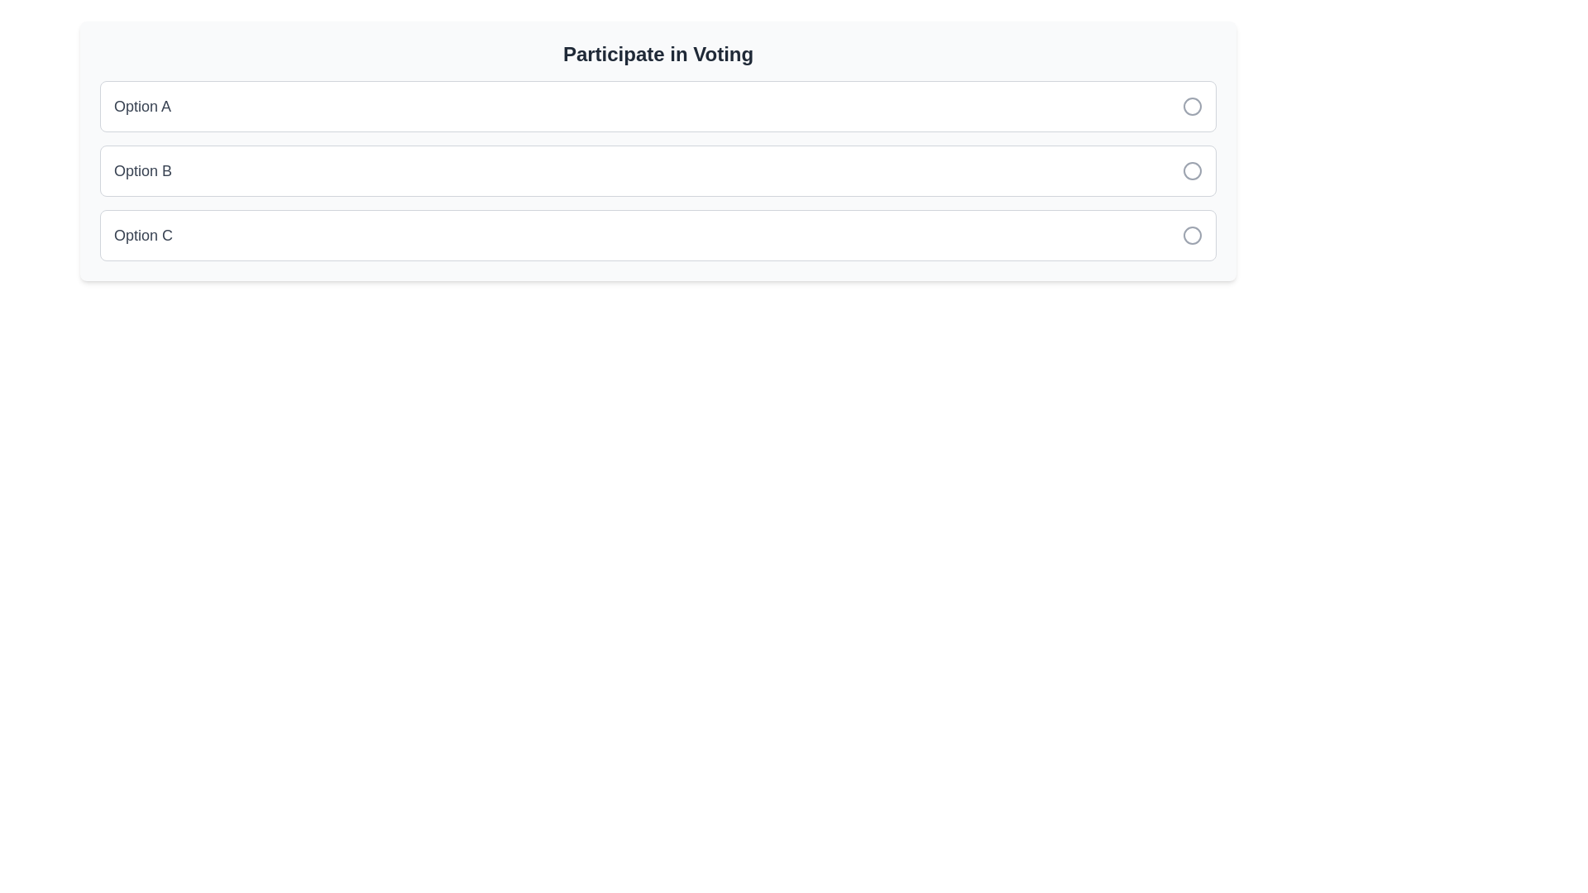  What do you see at coordinates (1192, 236) in the screenshot?
I see `the SVG Icon located at the far right end of the row labeled 'Option C'` at bounding box center [1192, 236].